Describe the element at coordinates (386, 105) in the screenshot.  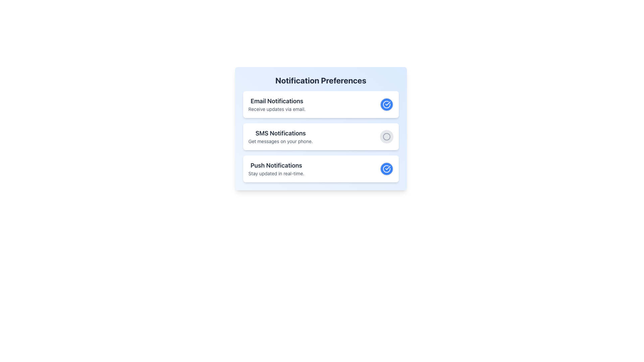
I see `the blue checkmark icon within the circular boundary, located at the far right end of the 'Email Notifications' row in the notification preferences layout` at that location.